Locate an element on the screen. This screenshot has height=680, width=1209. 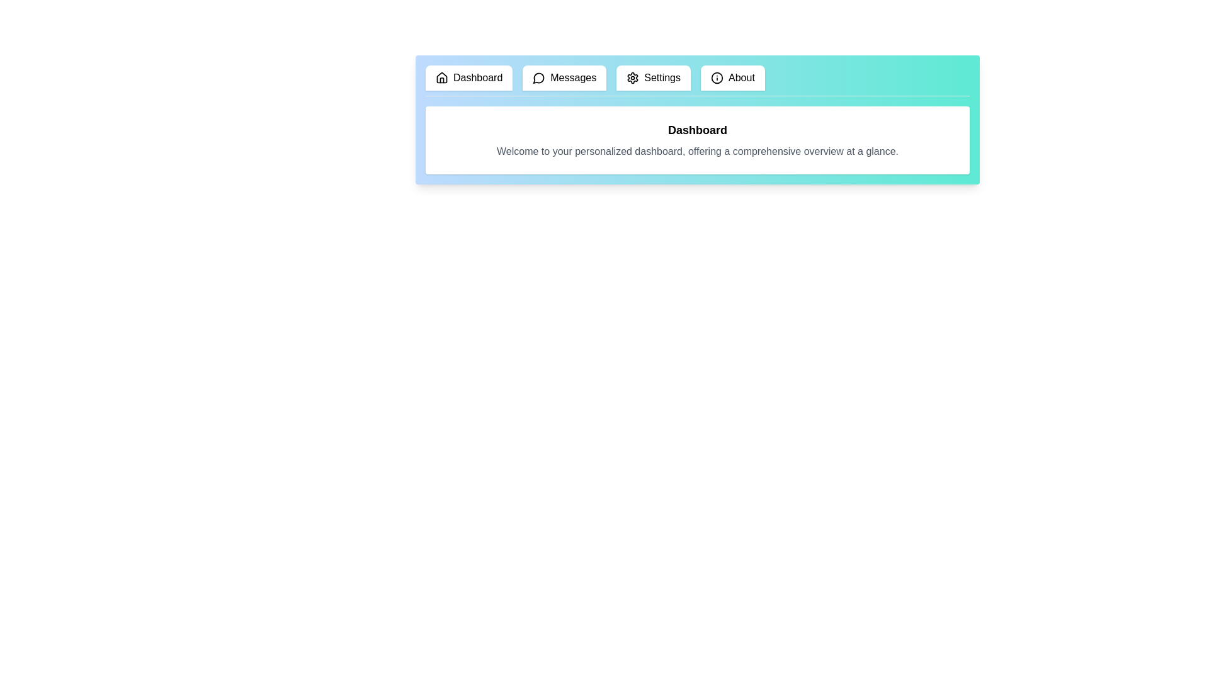
the Messages tab to view its content is located at coordinates (564, 77).